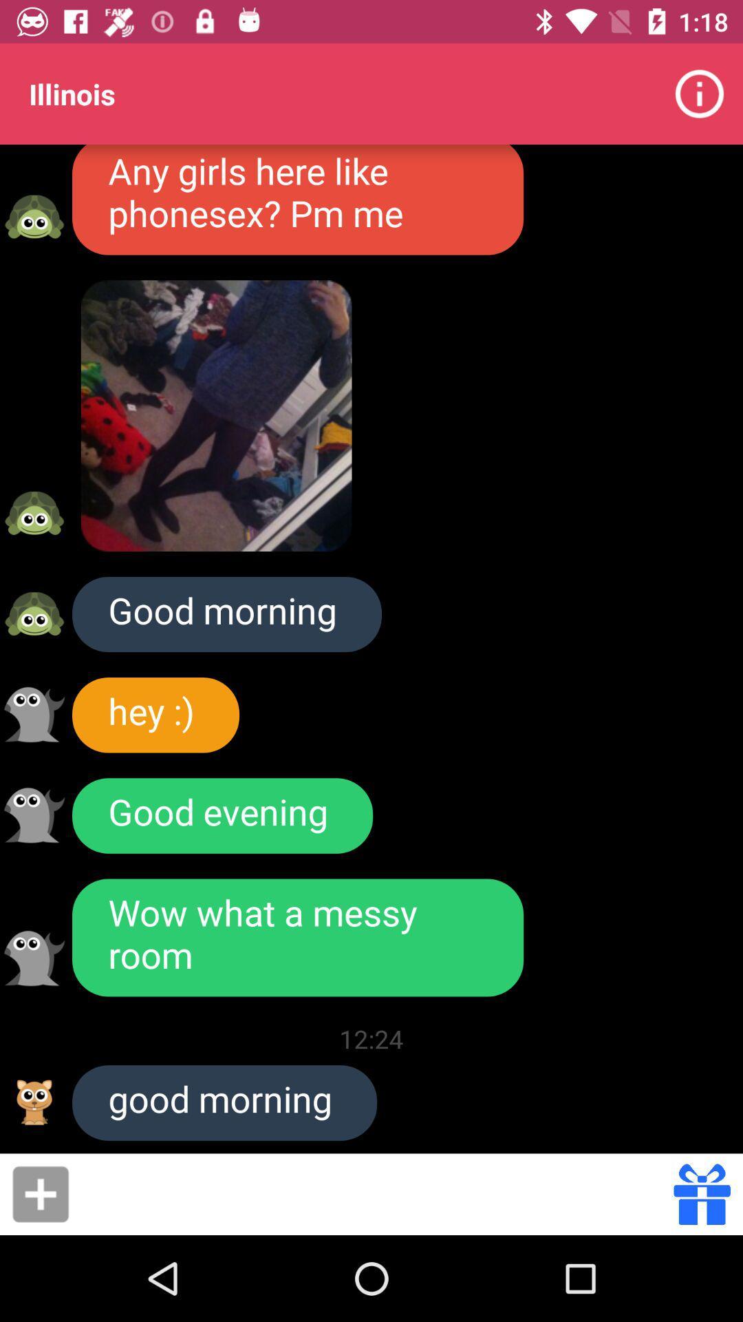 This screenshot has width=743, height=1322. I want to click on item below hey :), so click(222, 816).